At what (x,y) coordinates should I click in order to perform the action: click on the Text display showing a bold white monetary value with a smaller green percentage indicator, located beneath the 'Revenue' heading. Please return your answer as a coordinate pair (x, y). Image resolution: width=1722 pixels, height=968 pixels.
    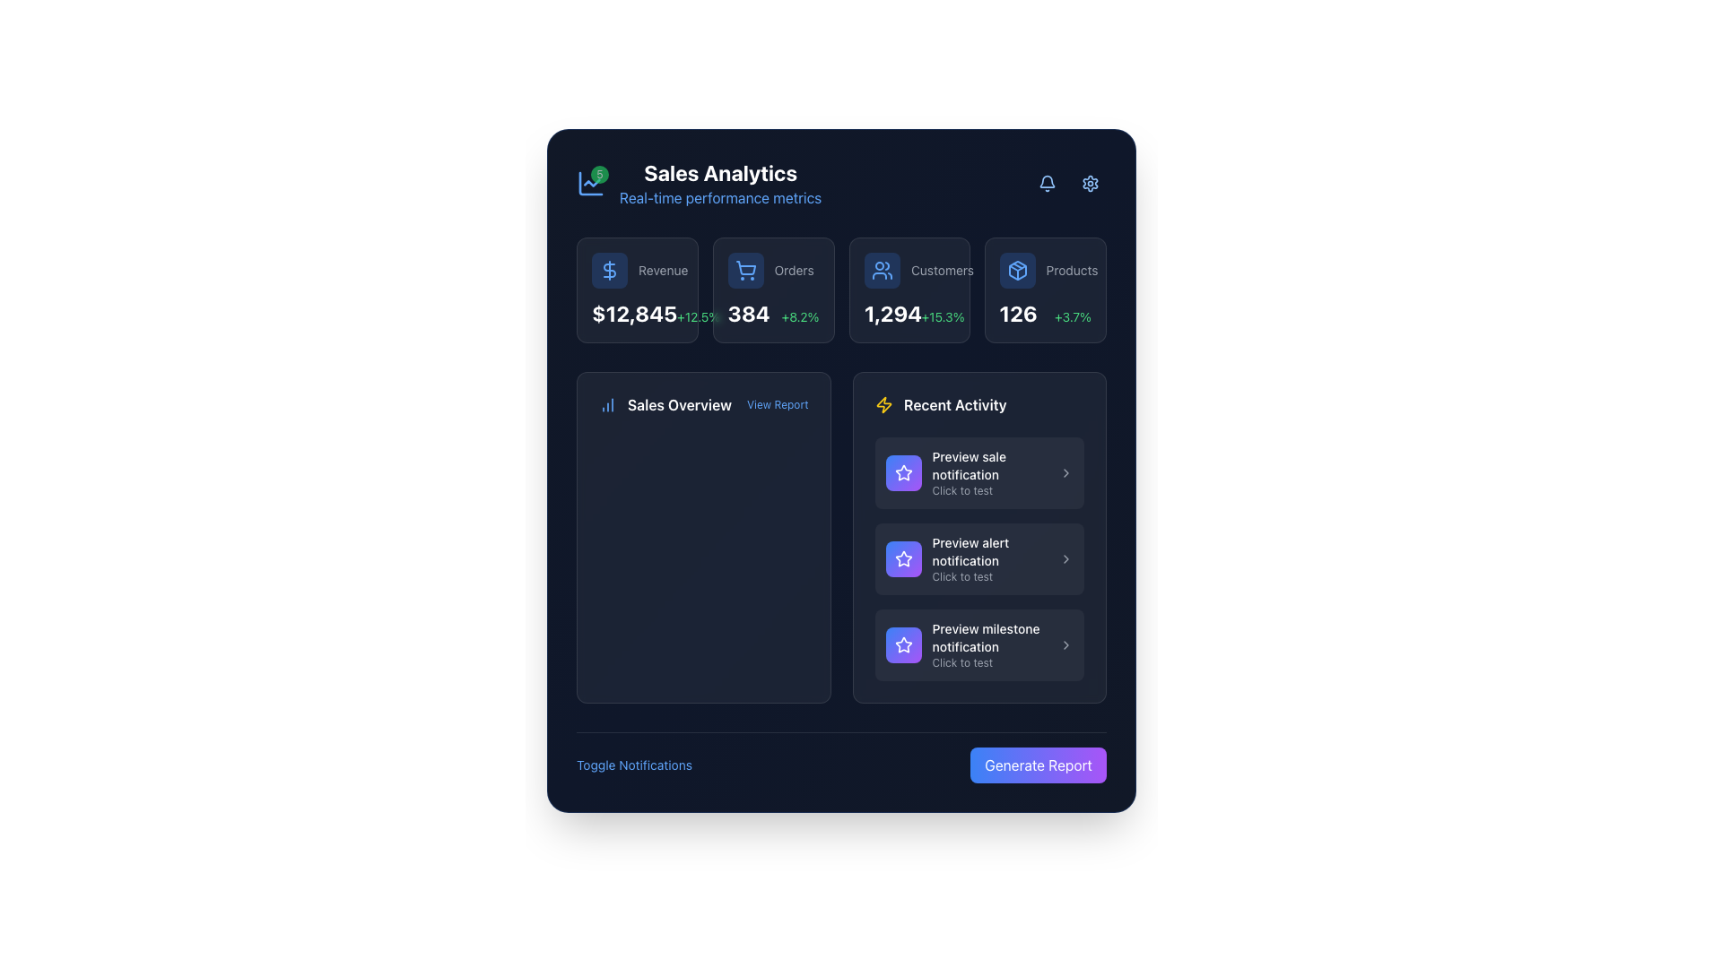
    Looking at the image, I should click on (637, 313).